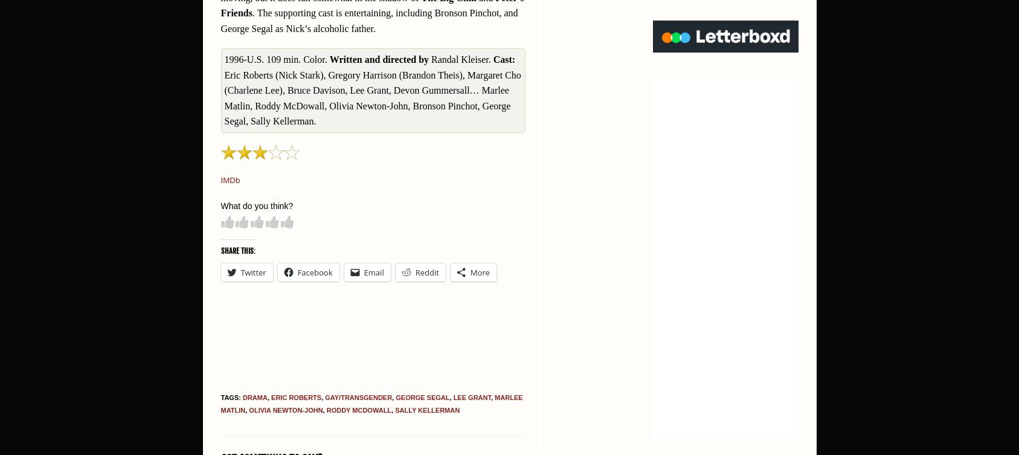  What do you see at coordinates (220, 205) in the screenshot?
I see `'What do you think?'` at bounding box center [220, 205].